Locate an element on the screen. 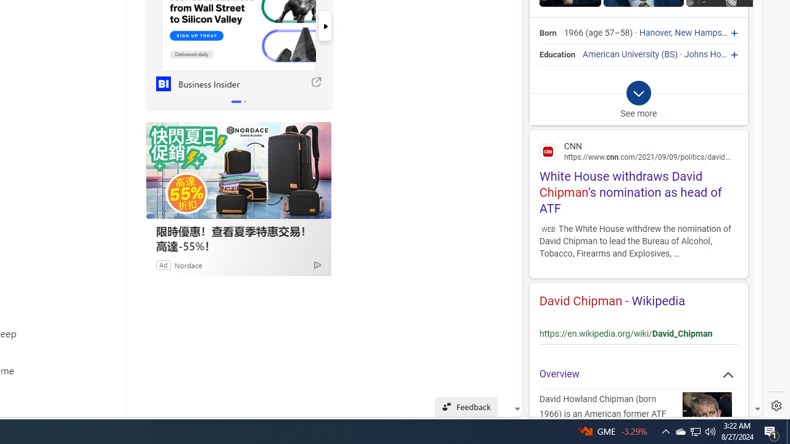 This screenshot has height=444, width=790. 'Hanover' is located at coordinates (654, 33).